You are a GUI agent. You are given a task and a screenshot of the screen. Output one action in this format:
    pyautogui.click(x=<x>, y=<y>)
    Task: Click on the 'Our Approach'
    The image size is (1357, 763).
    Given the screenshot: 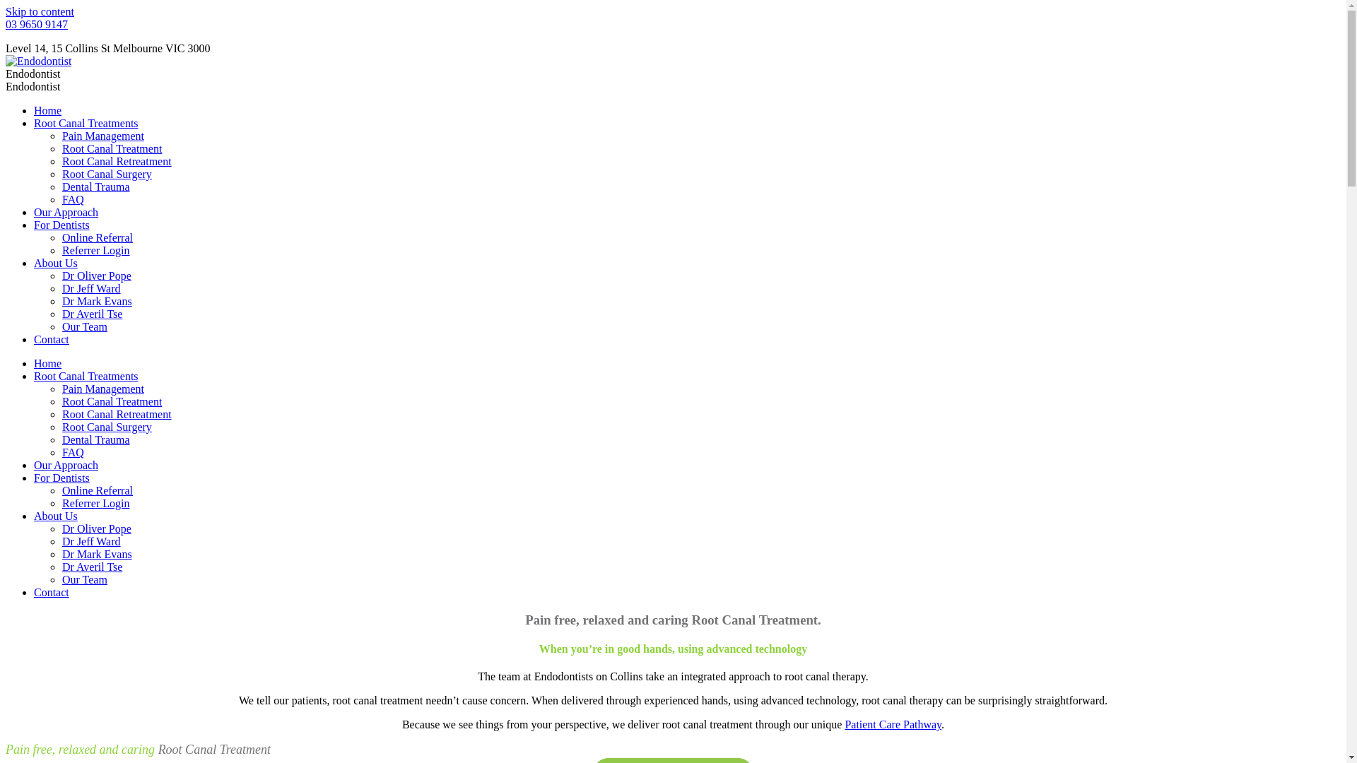 What is the action you would take?
    pyautogui.click(x=65, y=465)
    